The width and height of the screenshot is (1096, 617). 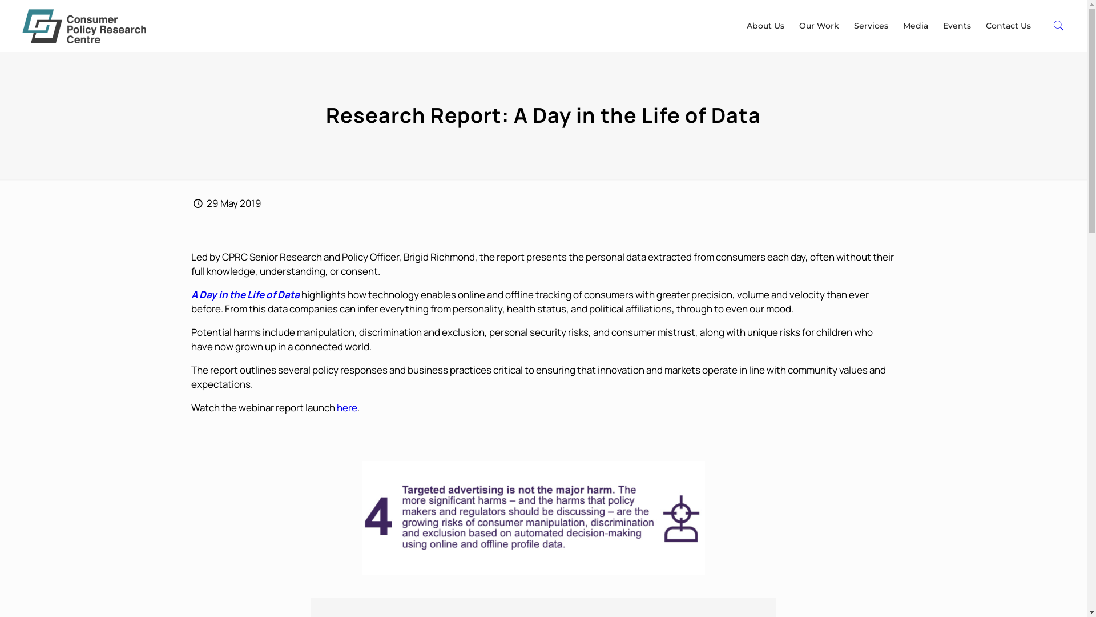 What do you see at coordinates (346, 407) in the screenshot?
I see `'here'` at bounding box center [346, 407].